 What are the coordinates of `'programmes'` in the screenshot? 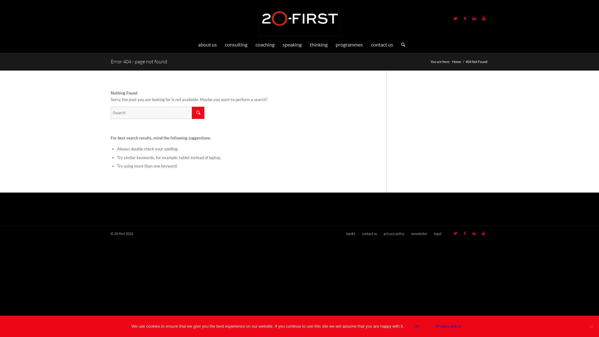 It's located at (348, 44).